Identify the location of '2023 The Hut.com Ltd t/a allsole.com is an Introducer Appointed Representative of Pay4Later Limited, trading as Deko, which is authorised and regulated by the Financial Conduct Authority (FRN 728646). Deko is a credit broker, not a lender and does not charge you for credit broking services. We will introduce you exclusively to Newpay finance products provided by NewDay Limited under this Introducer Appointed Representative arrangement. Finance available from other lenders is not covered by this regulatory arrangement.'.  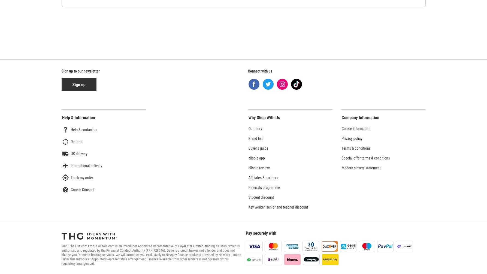
(151, 254).